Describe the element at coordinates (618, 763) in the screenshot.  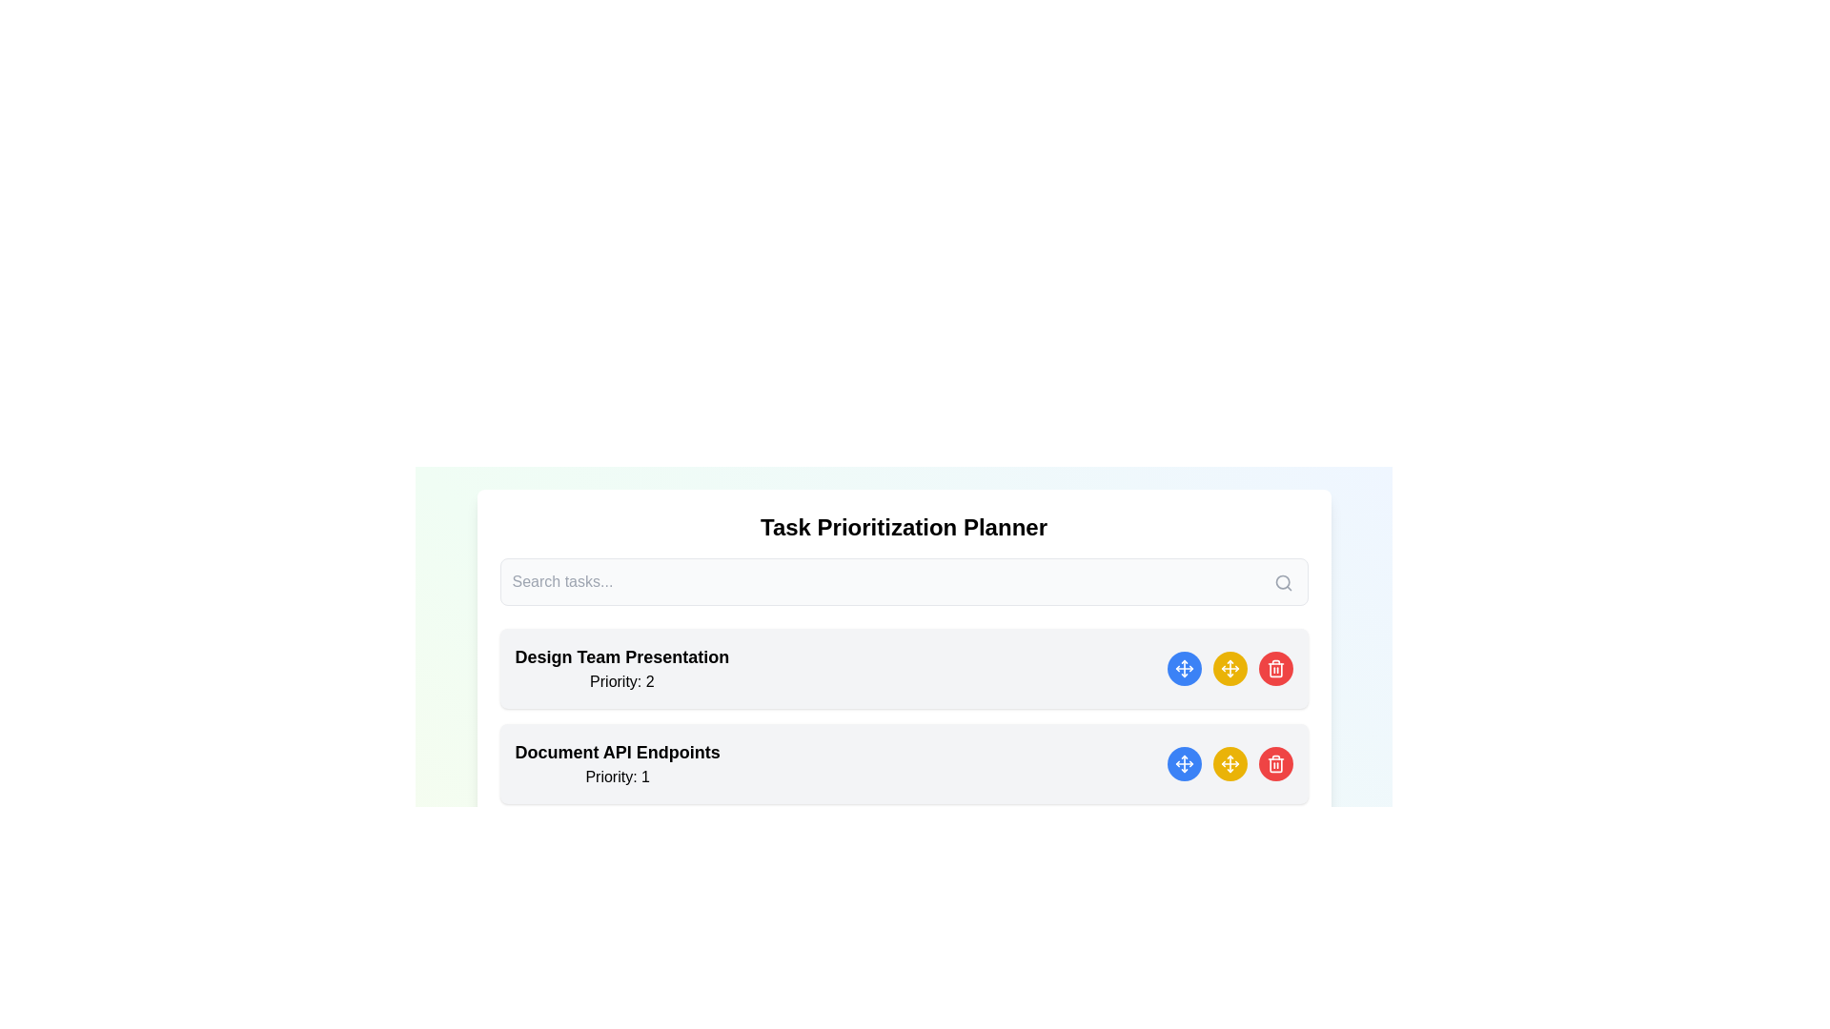
I see `the static text display that identifies 'Document API Endpoints' with priority level 'Priority: 1', located in the second entry of a vertical list` at that location.